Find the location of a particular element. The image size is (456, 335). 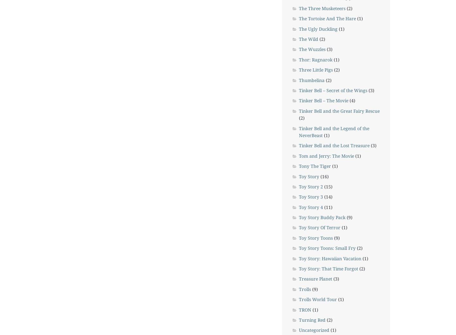

'(15)' is located at coordinates (327, 186).